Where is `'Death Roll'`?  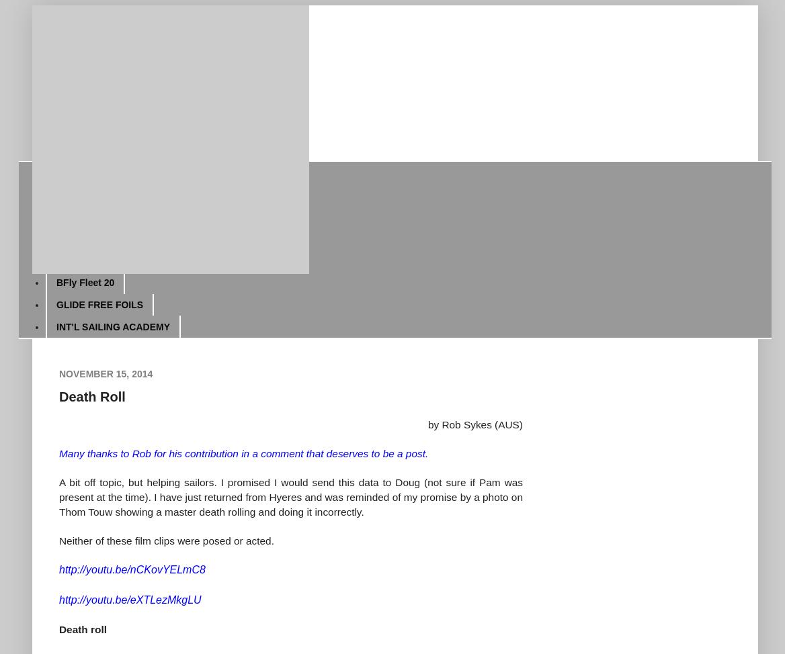
'Death Roll' is located at coordinates (91, 396).